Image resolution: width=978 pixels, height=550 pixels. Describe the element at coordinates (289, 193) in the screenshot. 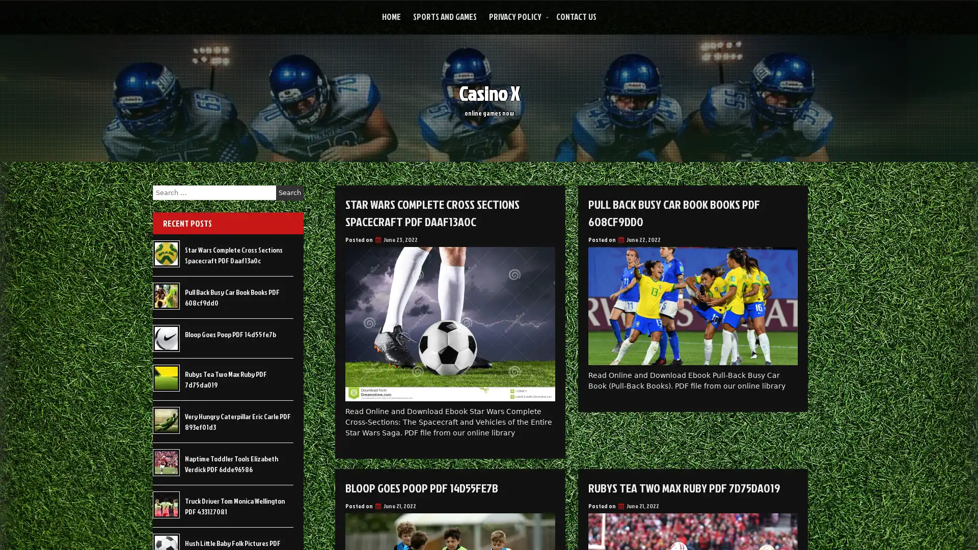

I see `Search` at that location.